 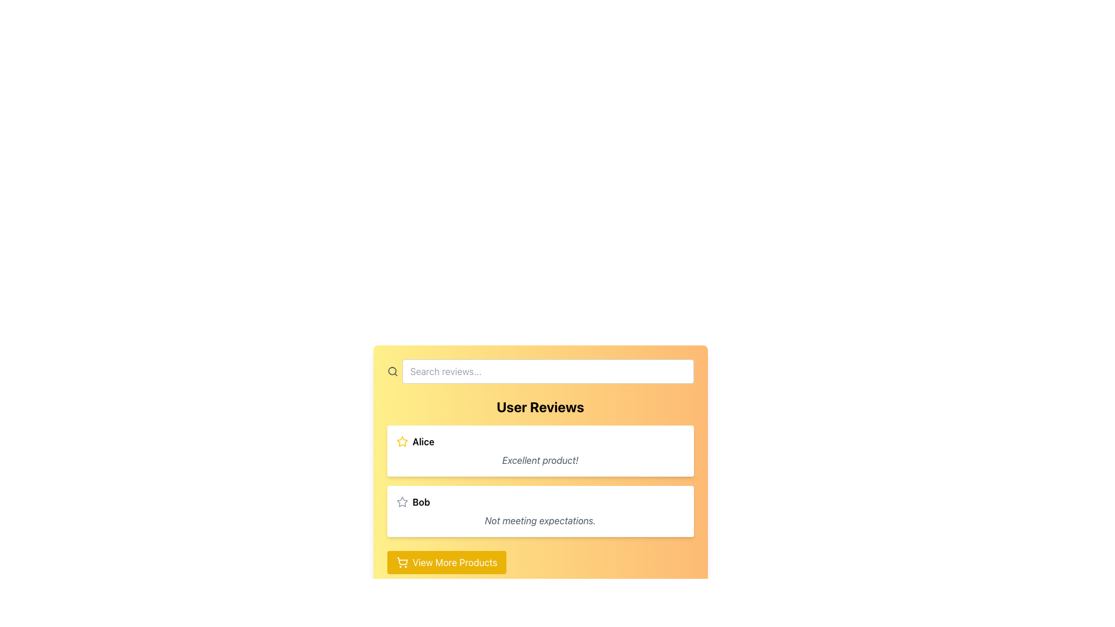 I want to click on the user review text element located under the star icon and the username 'Alice' in the first review card, so click(x=539, y=460).